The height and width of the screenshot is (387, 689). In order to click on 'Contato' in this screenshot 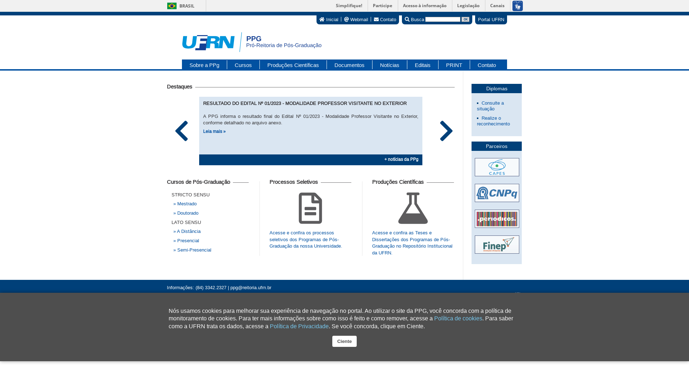, I will do `click(470, 64)`.